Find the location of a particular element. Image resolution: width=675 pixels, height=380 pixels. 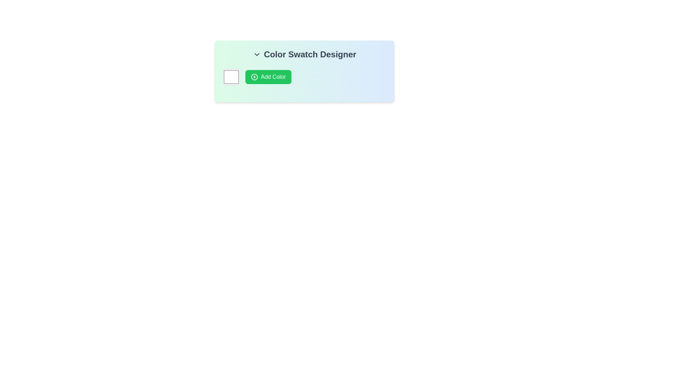

the white square color input field to bring up the color picker is located at coordinates (231, 77).